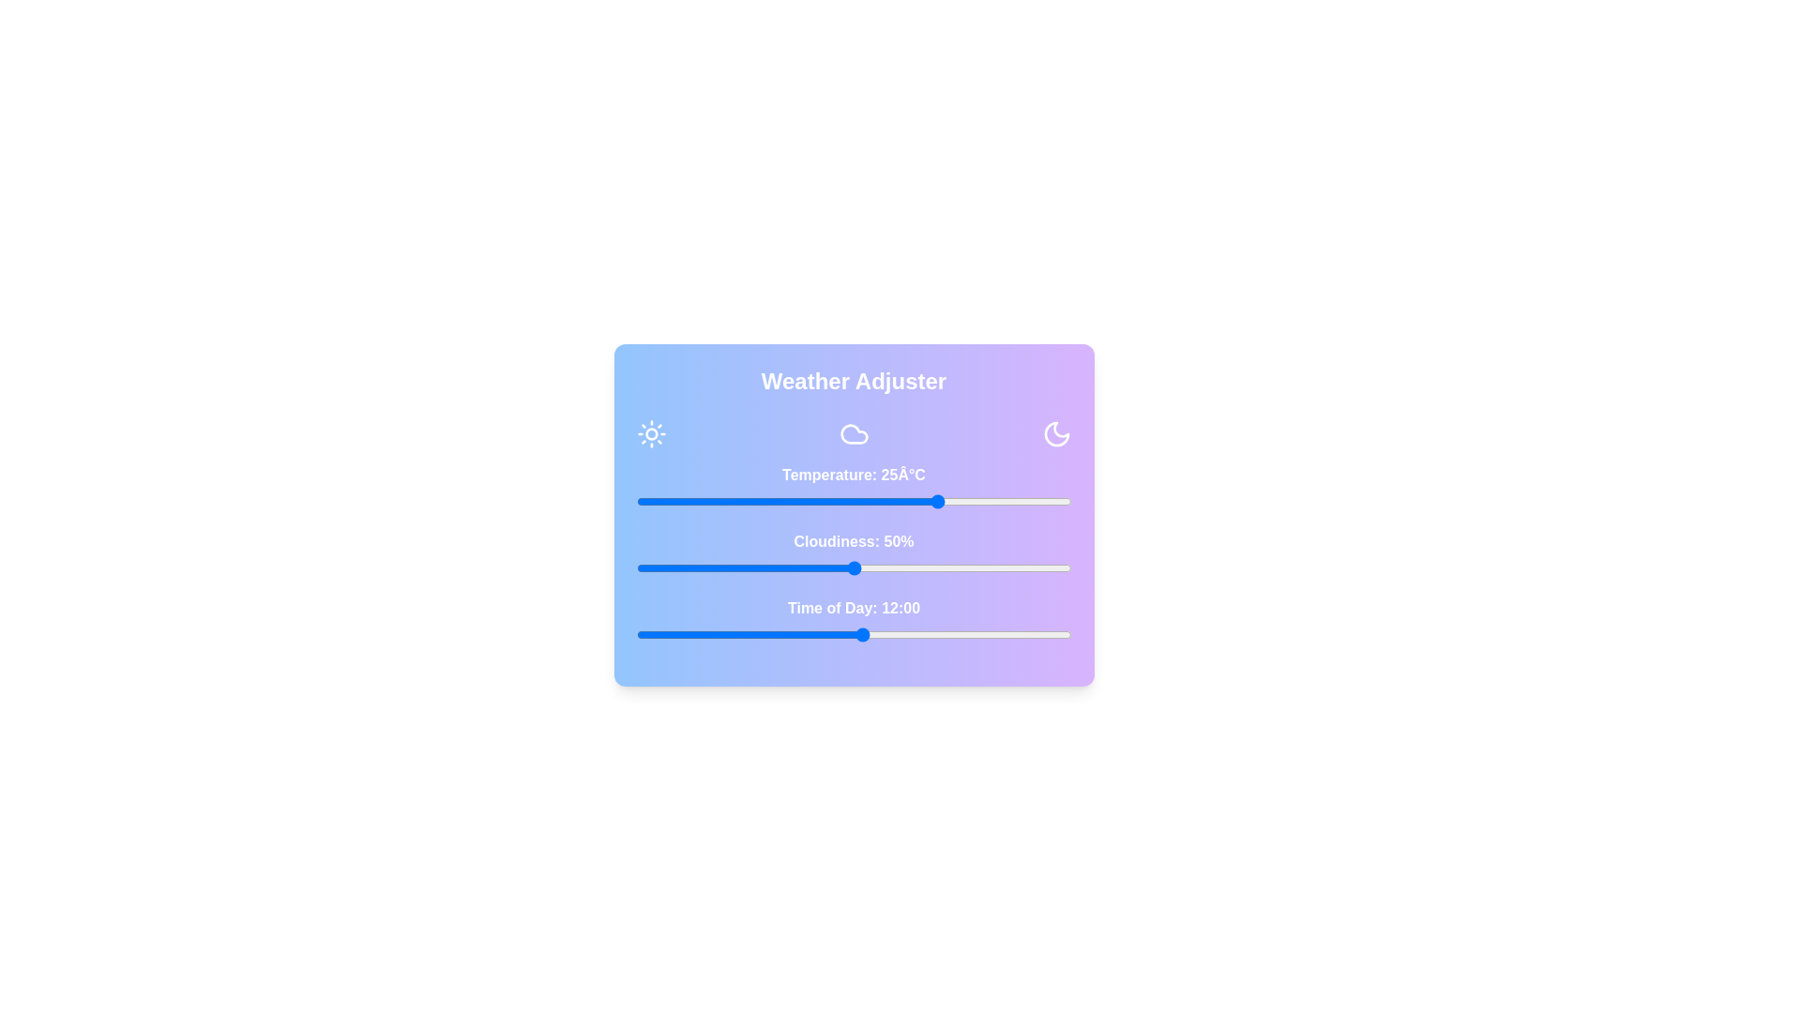 The height and width of the screenshot is (1013, 1801). Describe the element at coordinates (853, 634) in the screenshot. I see `the horizontal range slider control with a blue track positioned below the label 'Time of Day: 12:00'` at that location.